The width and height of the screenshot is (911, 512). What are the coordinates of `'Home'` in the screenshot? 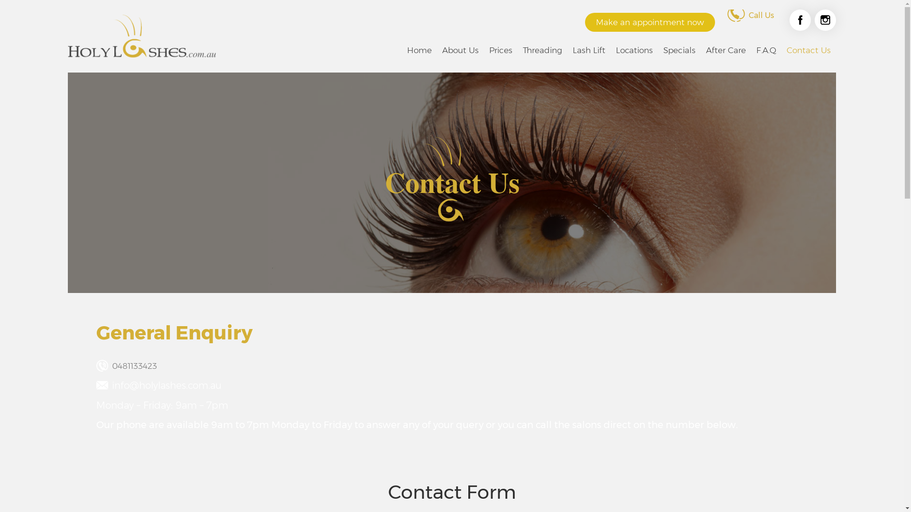 It's located at (418, 50).